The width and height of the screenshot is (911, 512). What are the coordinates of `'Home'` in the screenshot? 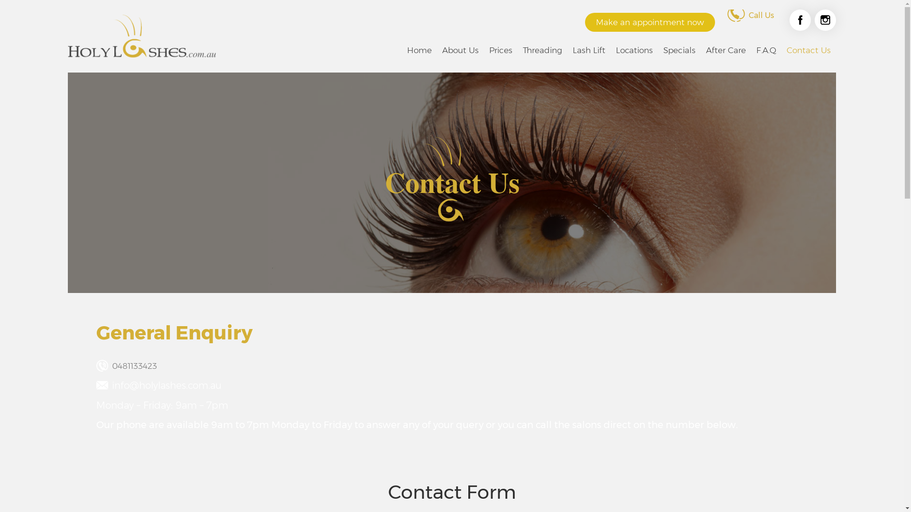 It's located at (418, 50).